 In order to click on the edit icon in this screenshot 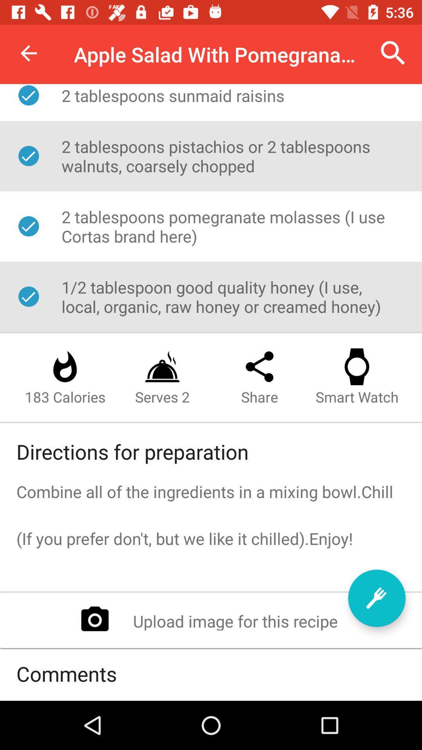, I will do `click(376, 598)`.